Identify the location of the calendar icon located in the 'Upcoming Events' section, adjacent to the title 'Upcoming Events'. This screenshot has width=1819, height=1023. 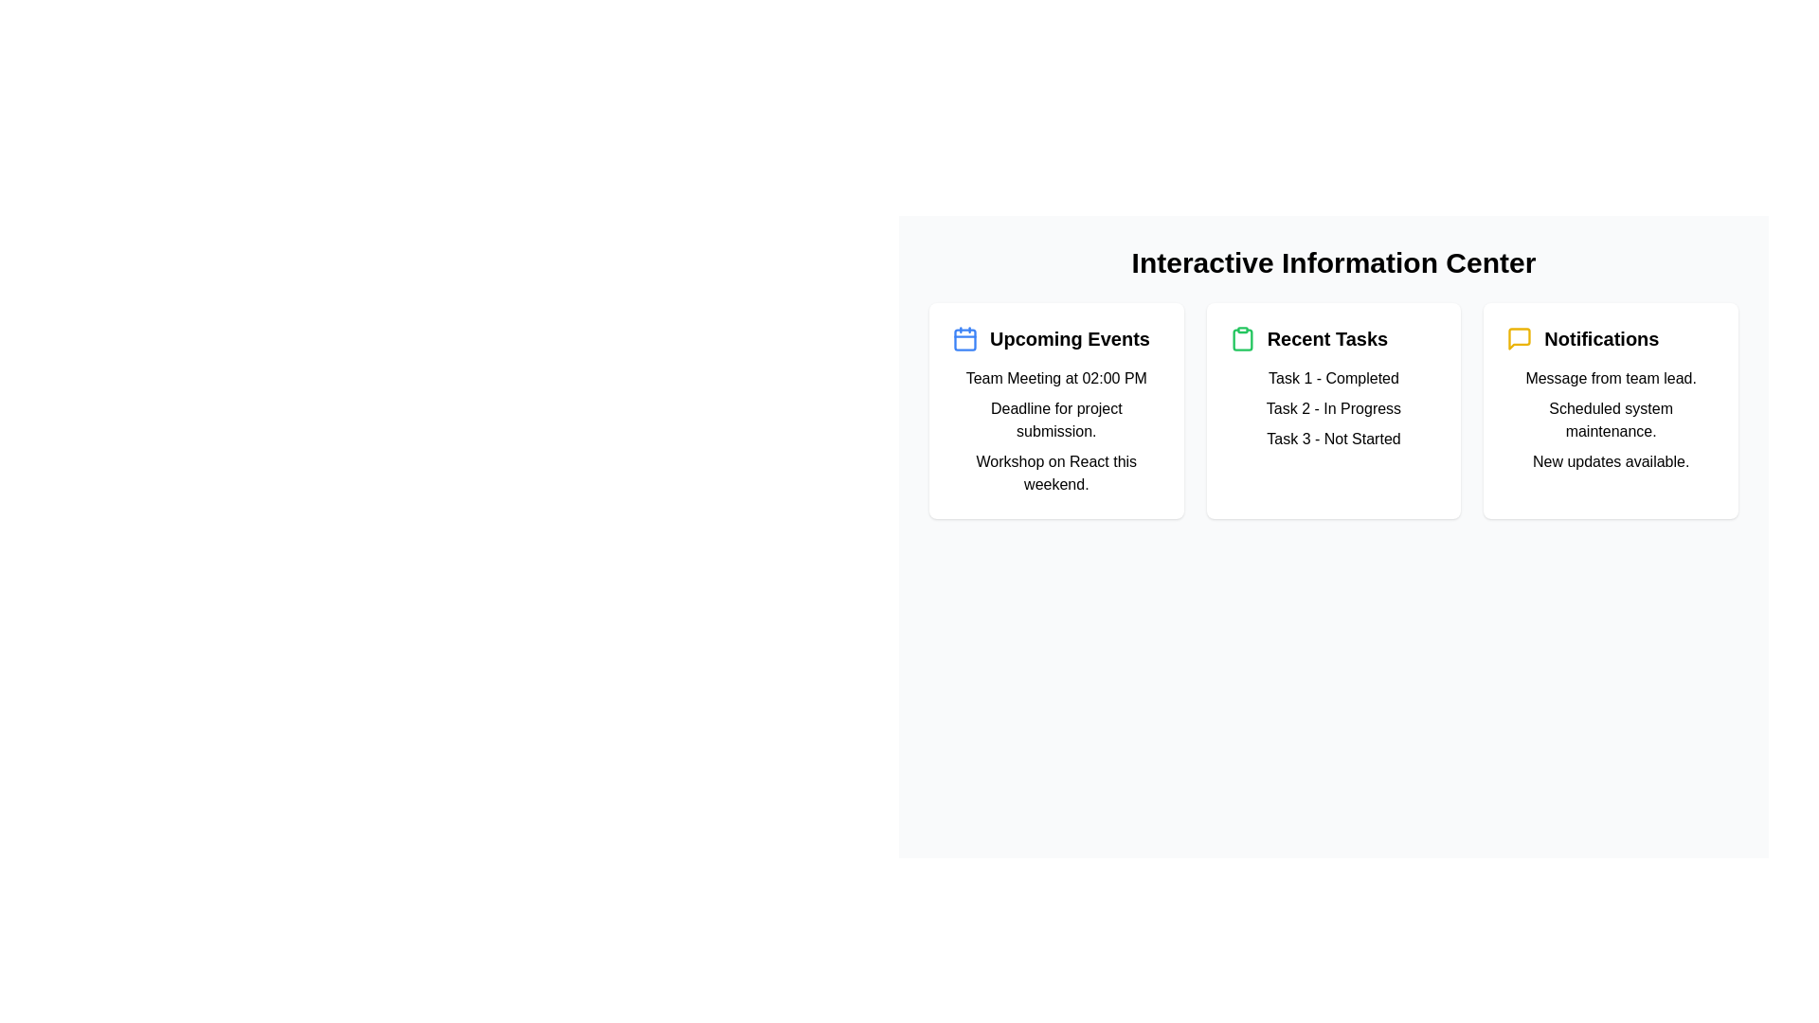
(964, 338).